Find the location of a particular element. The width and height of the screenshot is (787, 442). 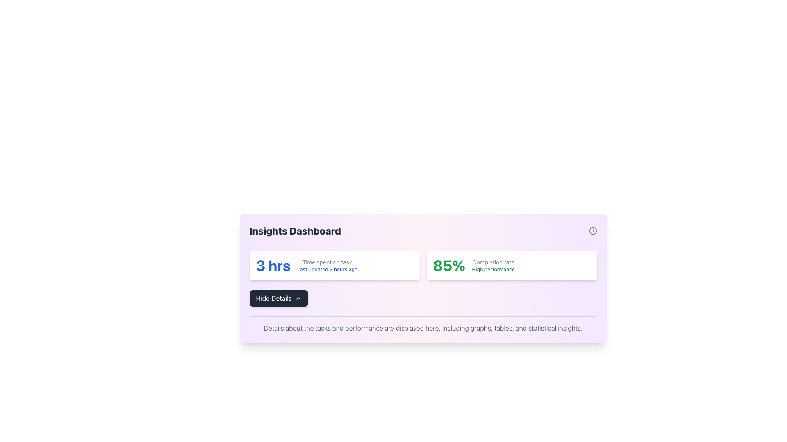

the text element displaying '3 hrs', which is styled in bold blue font and located at the left side of the dashboard within a white box is located at coordinates (273, 265).